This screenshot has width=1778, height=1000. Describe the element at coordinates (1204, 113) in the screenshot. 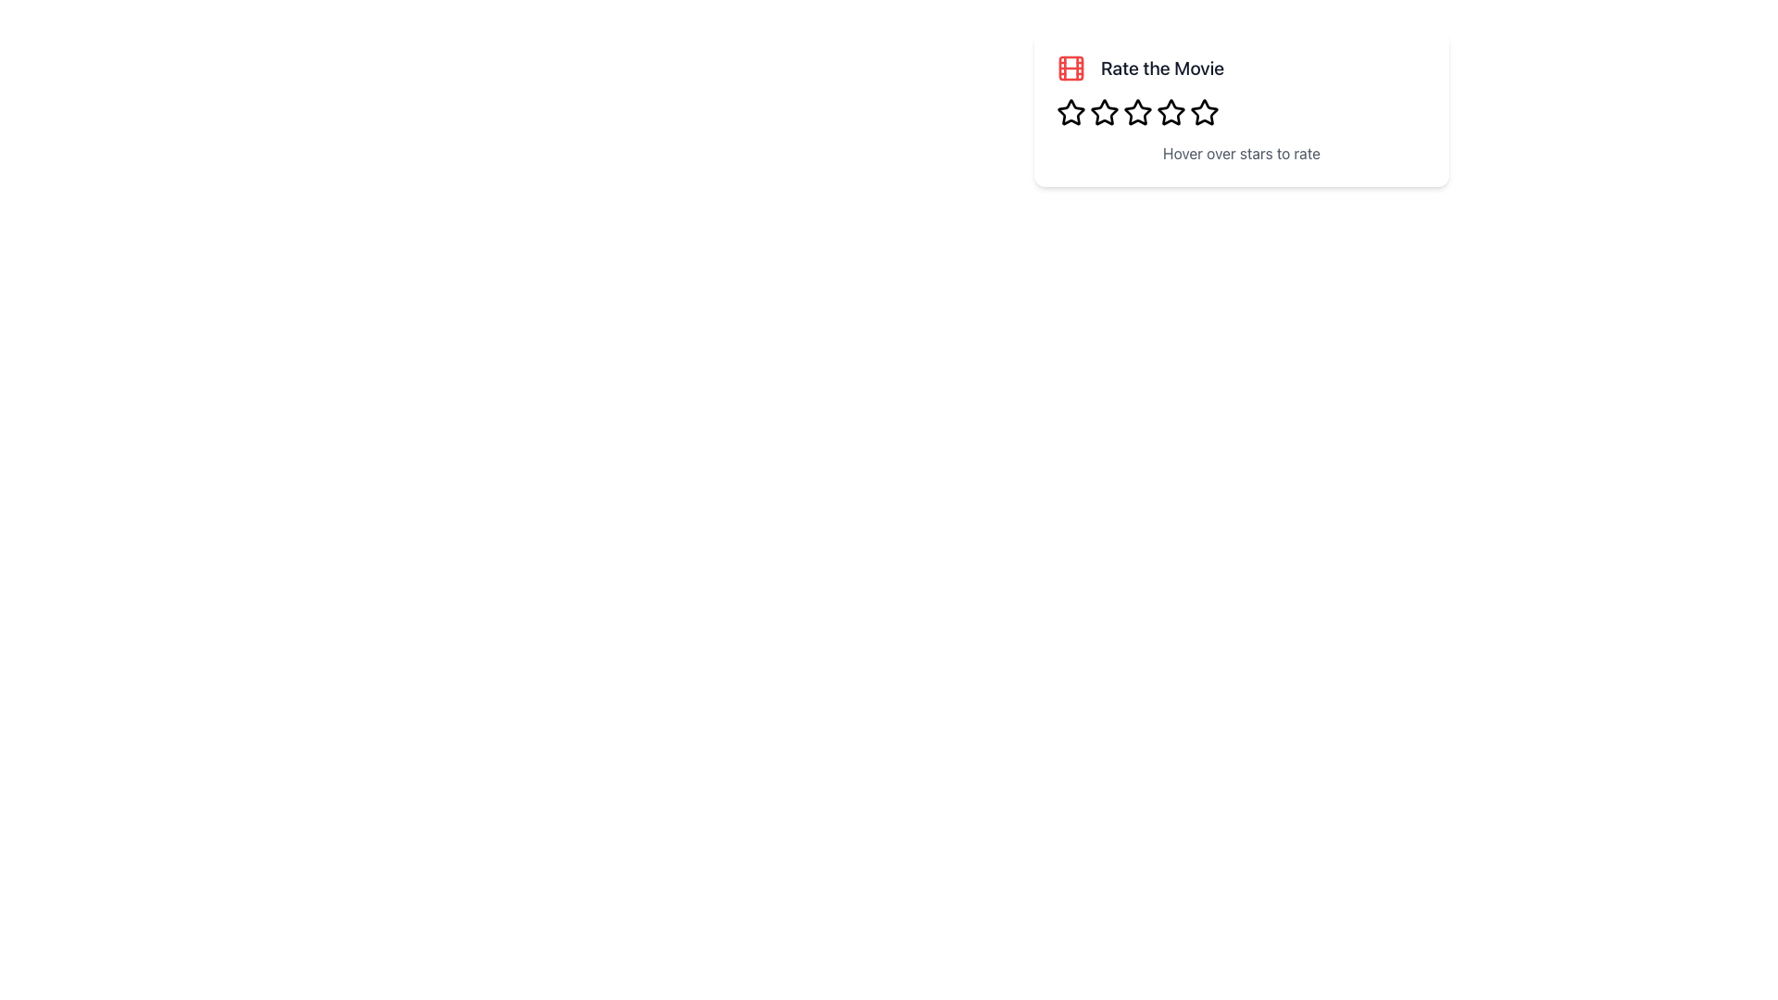

I see `the fifth hollow star icon in the rating mechanism located beneath the 'Rate the Movie' title and above the 'Hover over stars to rate' instruction` at that location.